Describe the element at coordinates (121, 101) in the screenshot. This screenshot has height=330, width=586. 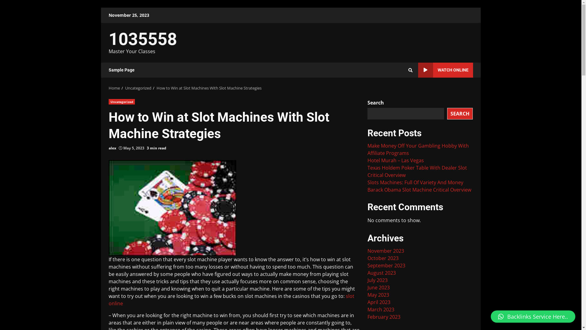
I see `'Uncategorized'` at that location.